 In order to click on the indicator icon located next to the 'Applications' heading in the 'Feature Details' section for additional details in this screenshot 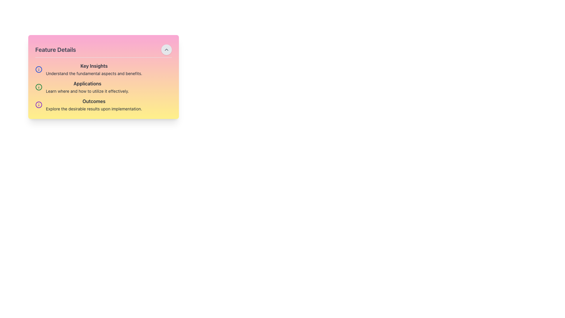, I will do `click(39, 87)`.